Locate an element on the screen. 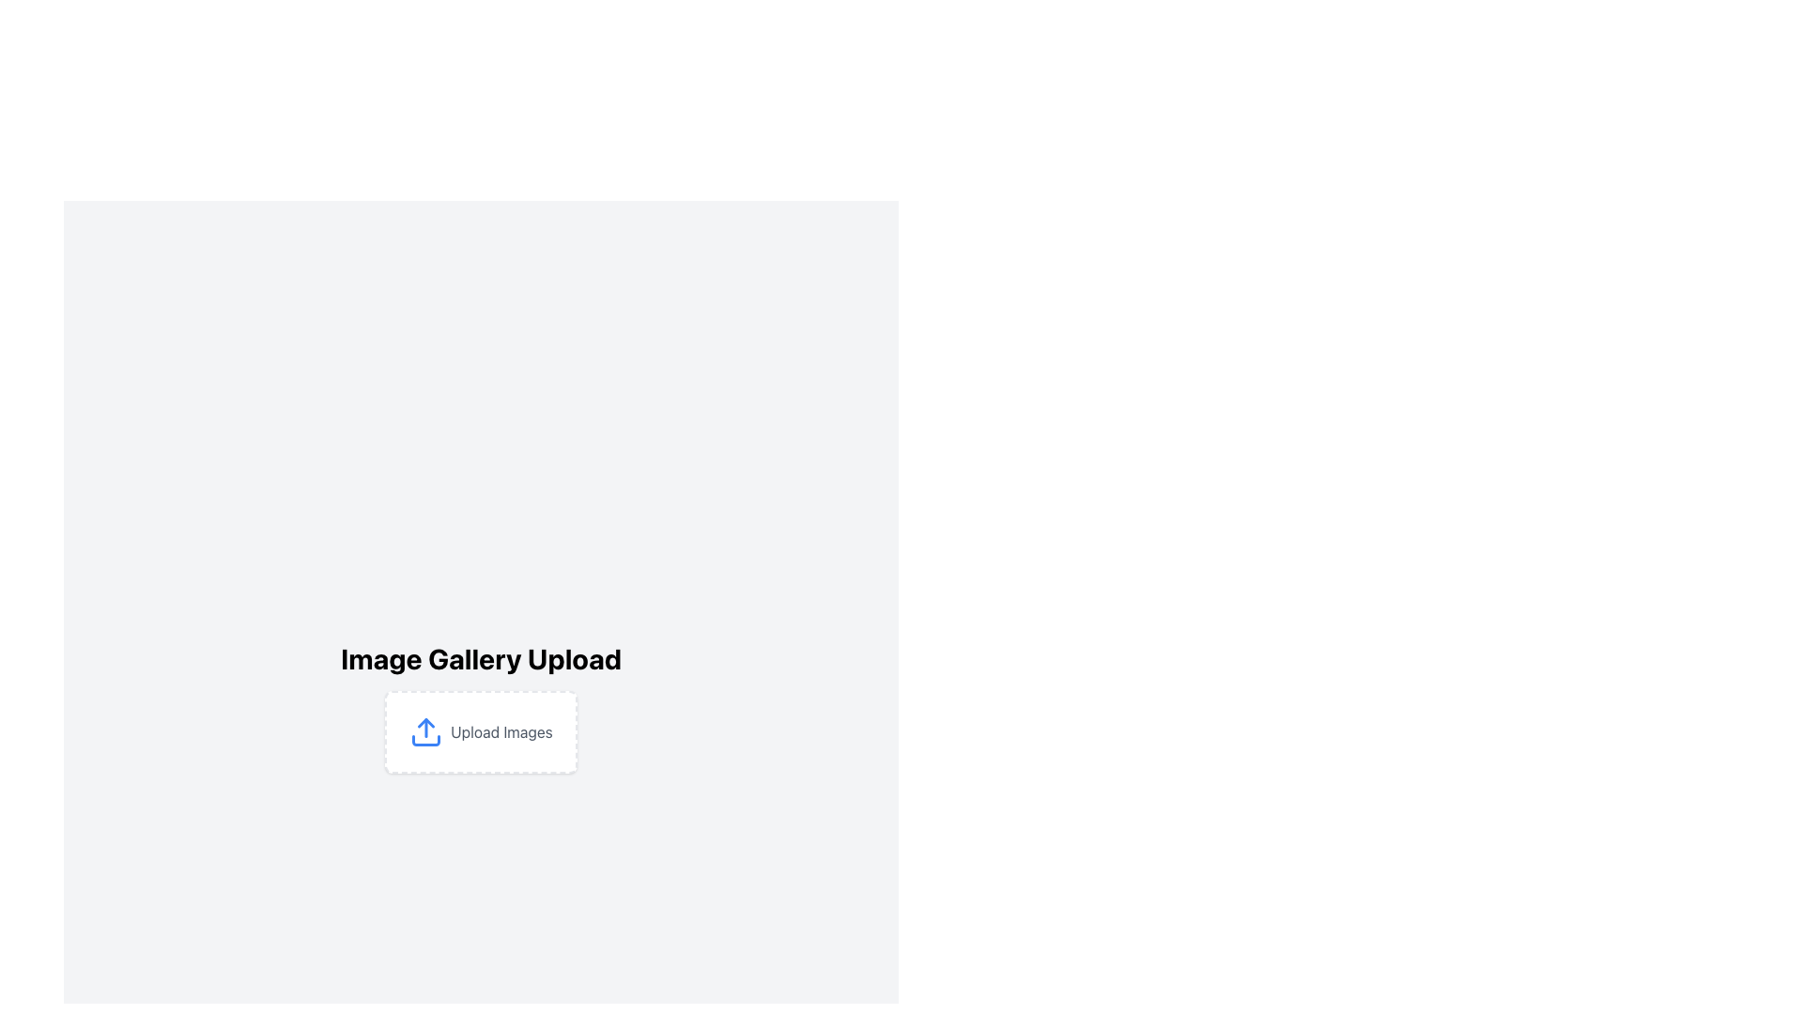  the header text label that provides context for the surrounding interface, located directly above the 'Upload Images' button is located at coordinates (481, 658).